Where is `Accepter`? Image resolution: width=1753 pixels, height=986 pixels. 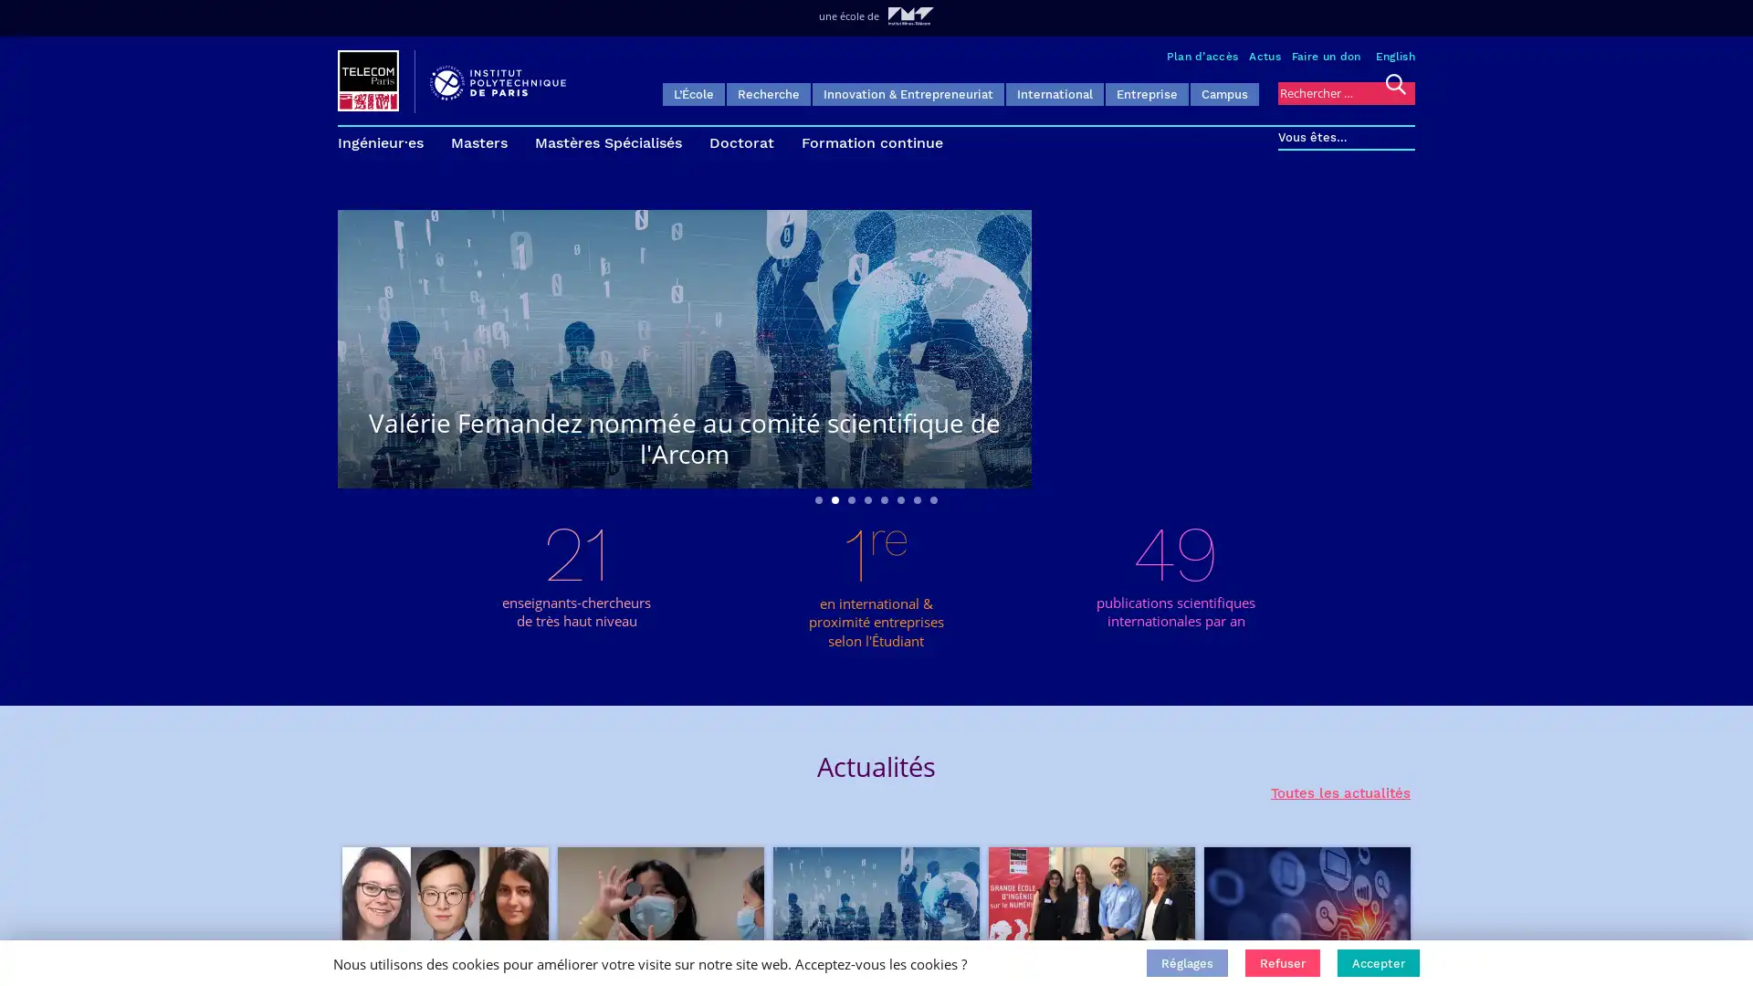
Accepter is located at coordinates (1379, 961).